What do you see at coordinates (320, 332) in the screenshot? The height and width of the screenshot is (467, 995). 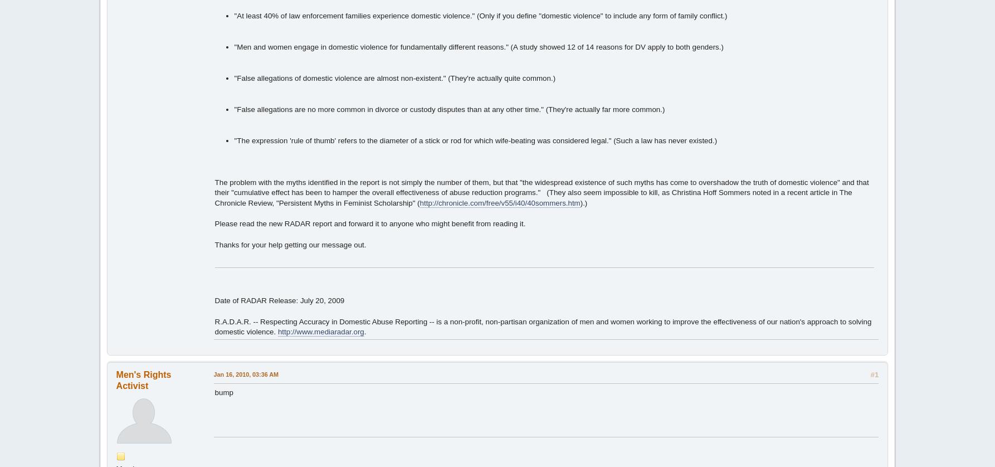 I see `'http://www.mediaradar.org'` at bounding box center [320, 332].